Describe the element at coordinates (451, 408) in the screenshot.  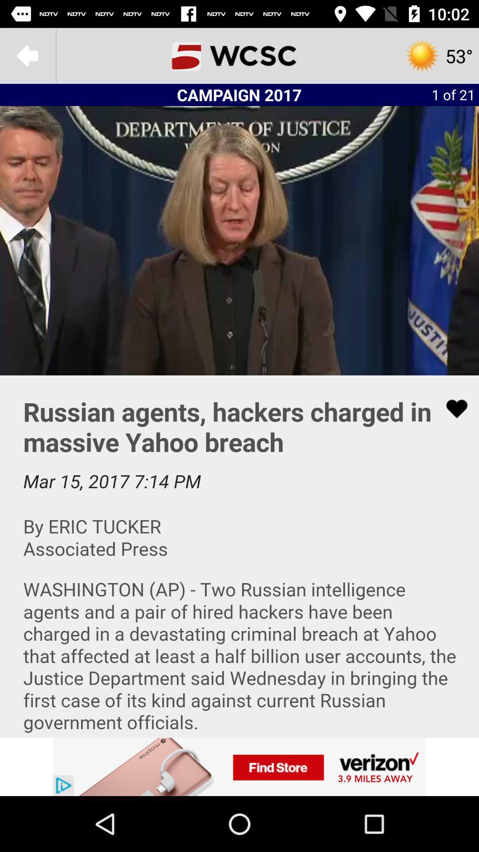
I see `the favorite icon` at that location.